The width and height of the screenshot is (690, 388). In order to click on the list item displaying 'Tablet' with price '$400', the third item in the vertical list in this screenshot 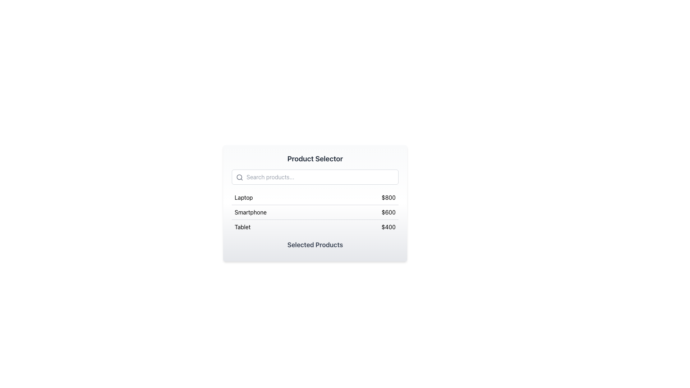, I will do `click(315, 227)`.